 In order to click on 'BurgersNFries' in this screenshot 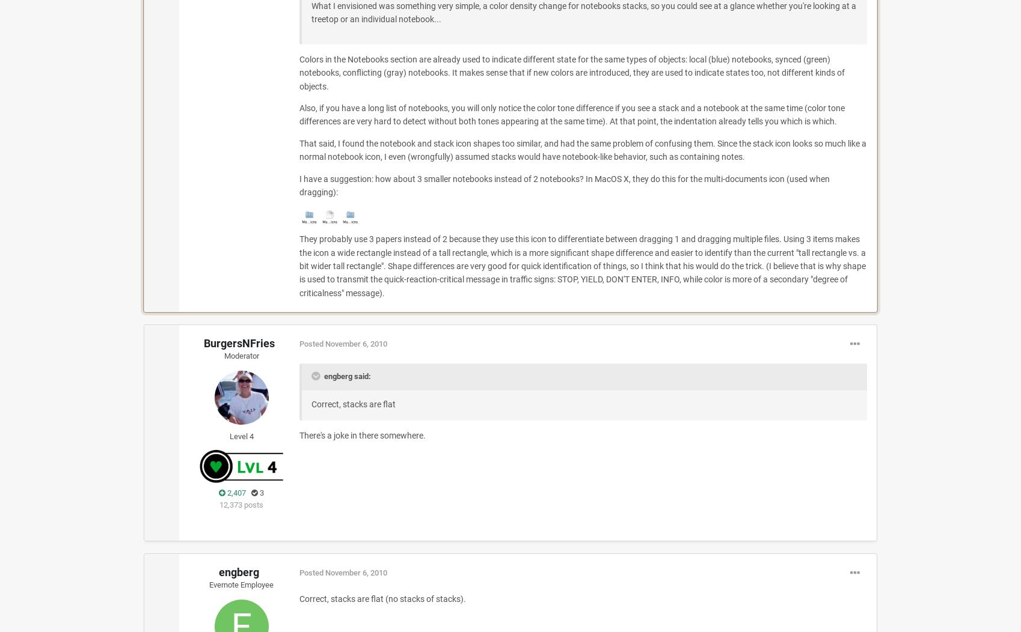, I will do `click(238, 342)`.